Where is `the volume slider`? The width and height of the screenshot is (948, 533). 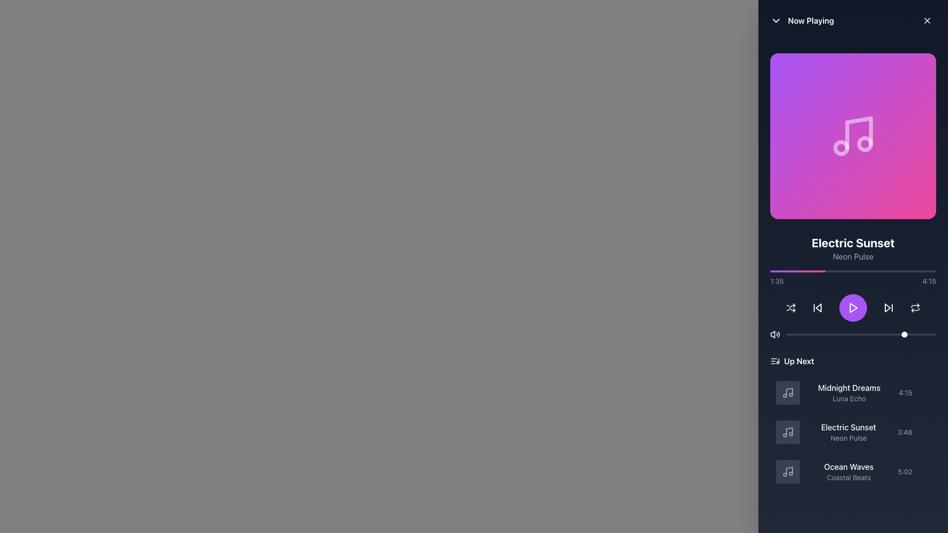
the volume slider is located at coordinates (914, 334).